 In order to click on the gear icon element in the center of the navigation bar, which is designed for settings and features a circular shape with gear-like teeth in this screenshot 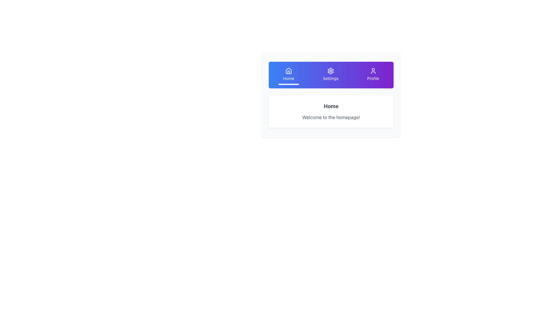, I will do `click(331, 71)`.